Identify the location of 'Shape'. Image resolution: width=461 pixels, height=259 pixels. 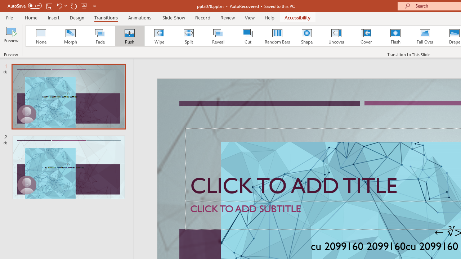
(307, 36).